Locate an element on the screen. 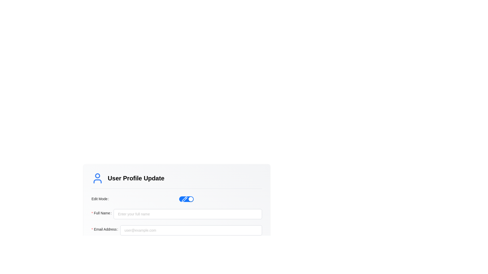 This screenshot has width=488, height=274. text label indicating the purpose of the user profile update section, which is located next to a user figure icon at the top of the interface is located at coordinates (136, 178).